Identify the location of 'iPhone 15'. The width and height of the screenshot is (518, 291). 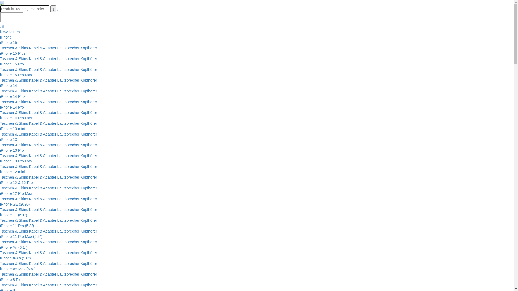
(8, 42).